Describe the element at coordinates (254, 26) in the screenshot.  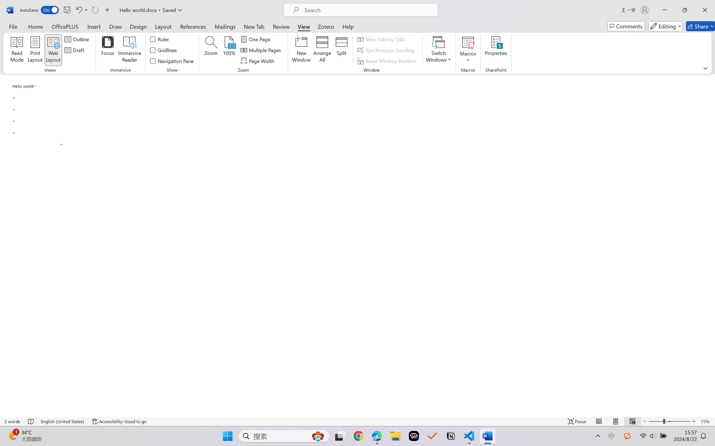
I see `'New Tab'` at that location.